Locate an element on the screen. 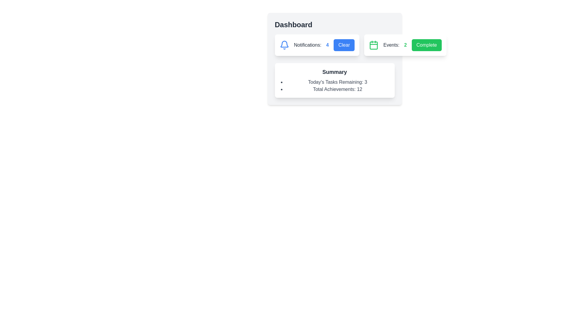 The image size is (575, 323). the green square with rounded corners that is part of the calendar icon, located in the top-right area of the dashboard interface is located at coordinates (373, 45).